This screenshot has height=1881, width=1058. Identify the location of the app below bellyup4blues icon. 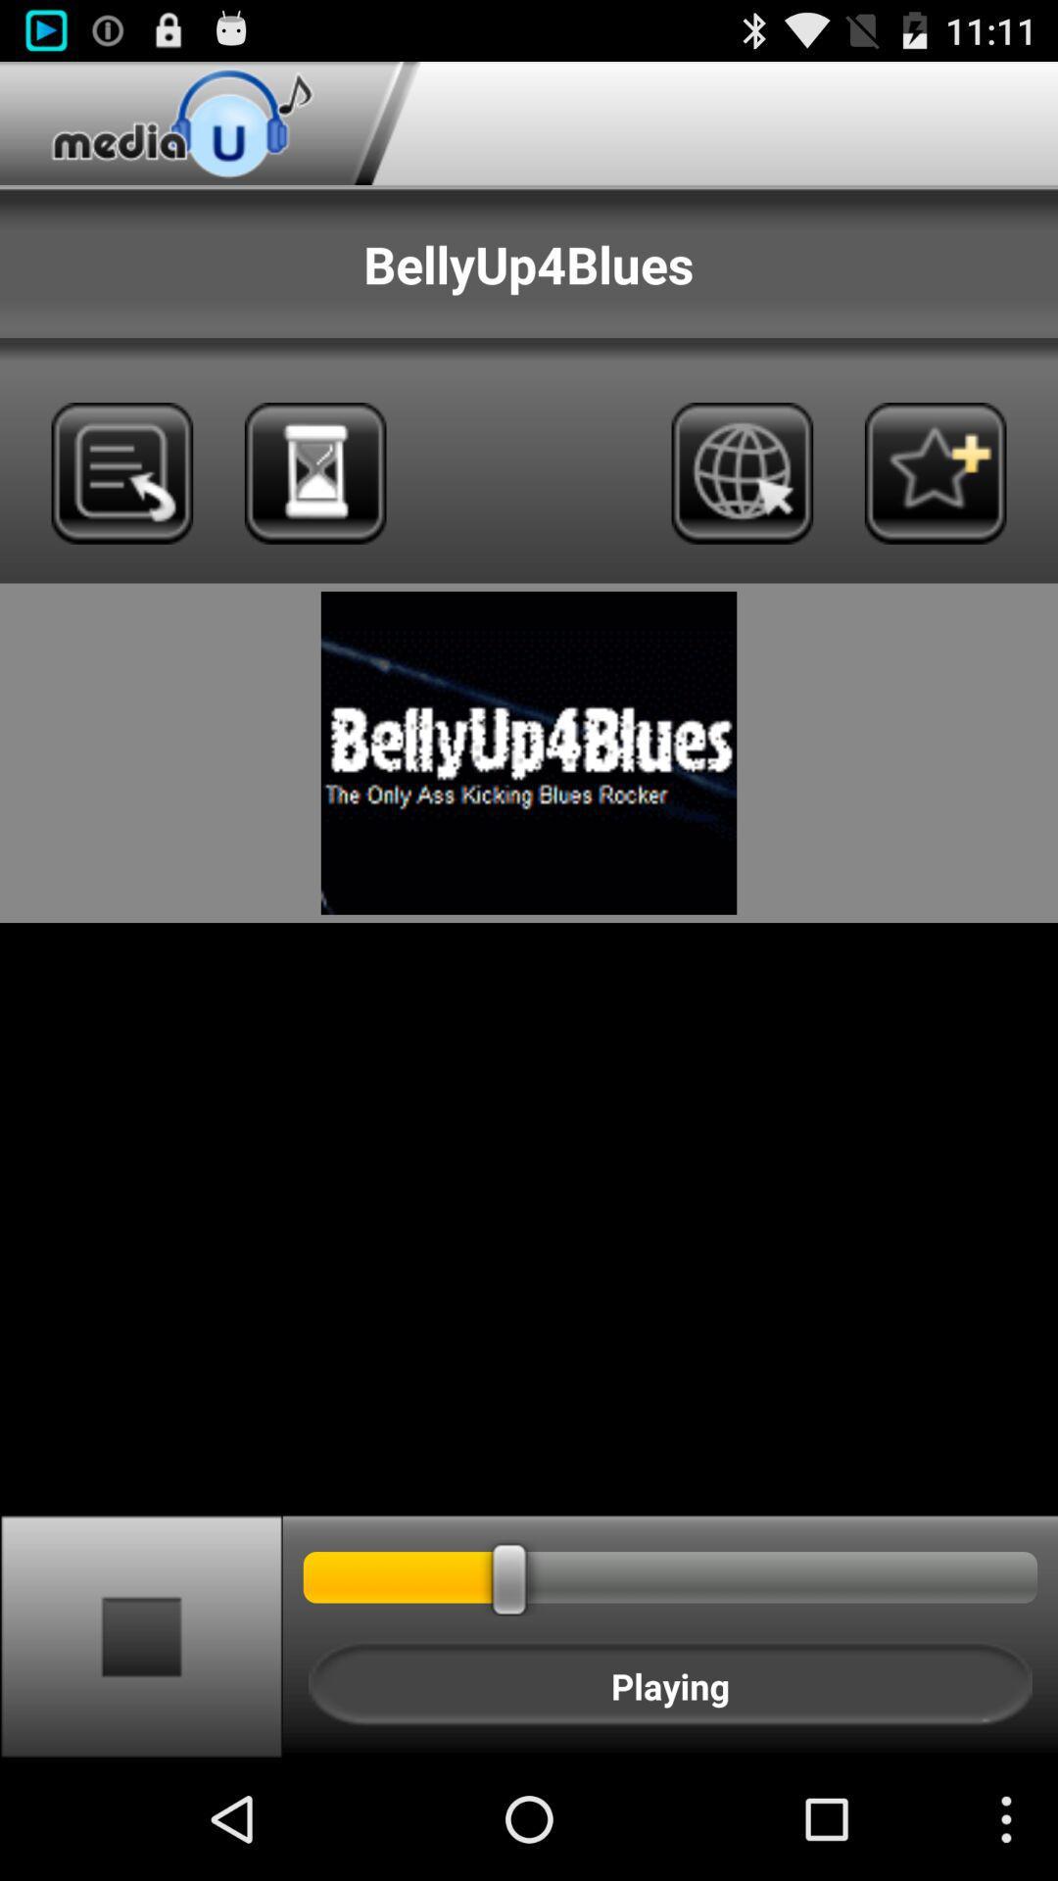
(314, 473).